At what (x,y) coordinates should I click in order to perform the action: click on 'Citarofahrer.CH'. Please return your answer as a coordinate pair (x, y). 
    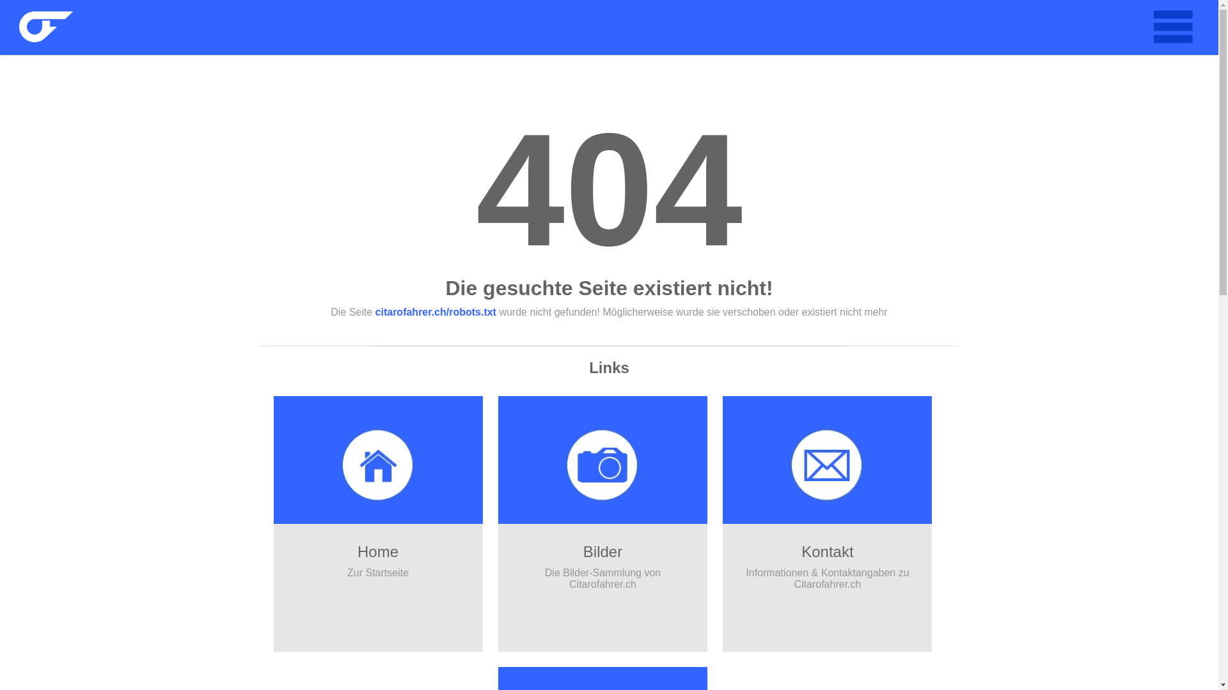
    Looking at the image, I should click on (19, 27).